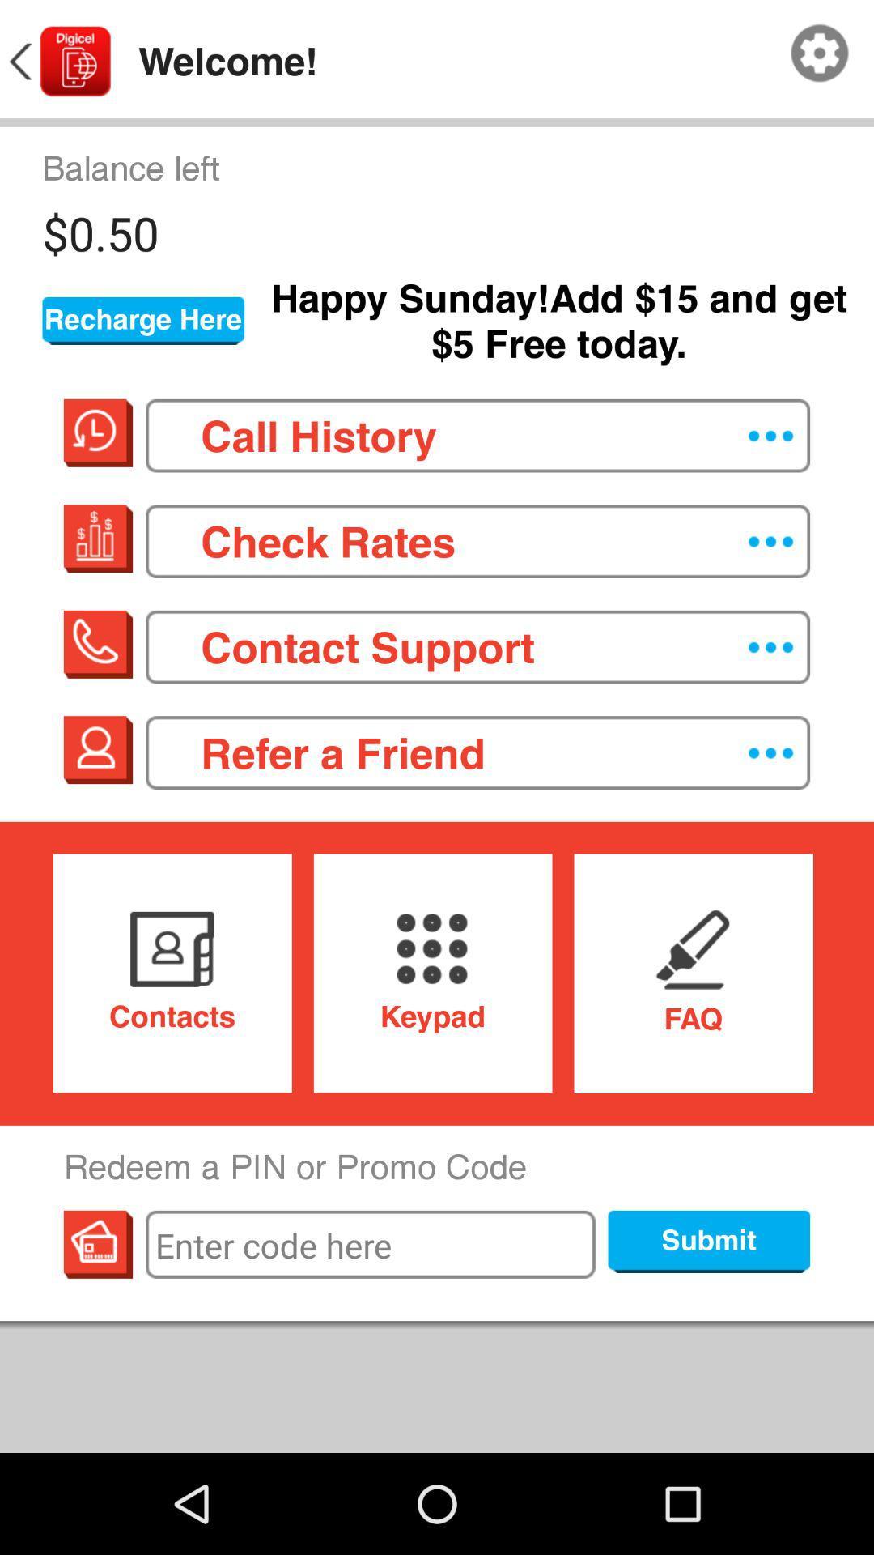 The image size is (874, 1555). Describe the element at coordinates (142, 321) in the screenshot. I see `the item below the $0.50` at that location.